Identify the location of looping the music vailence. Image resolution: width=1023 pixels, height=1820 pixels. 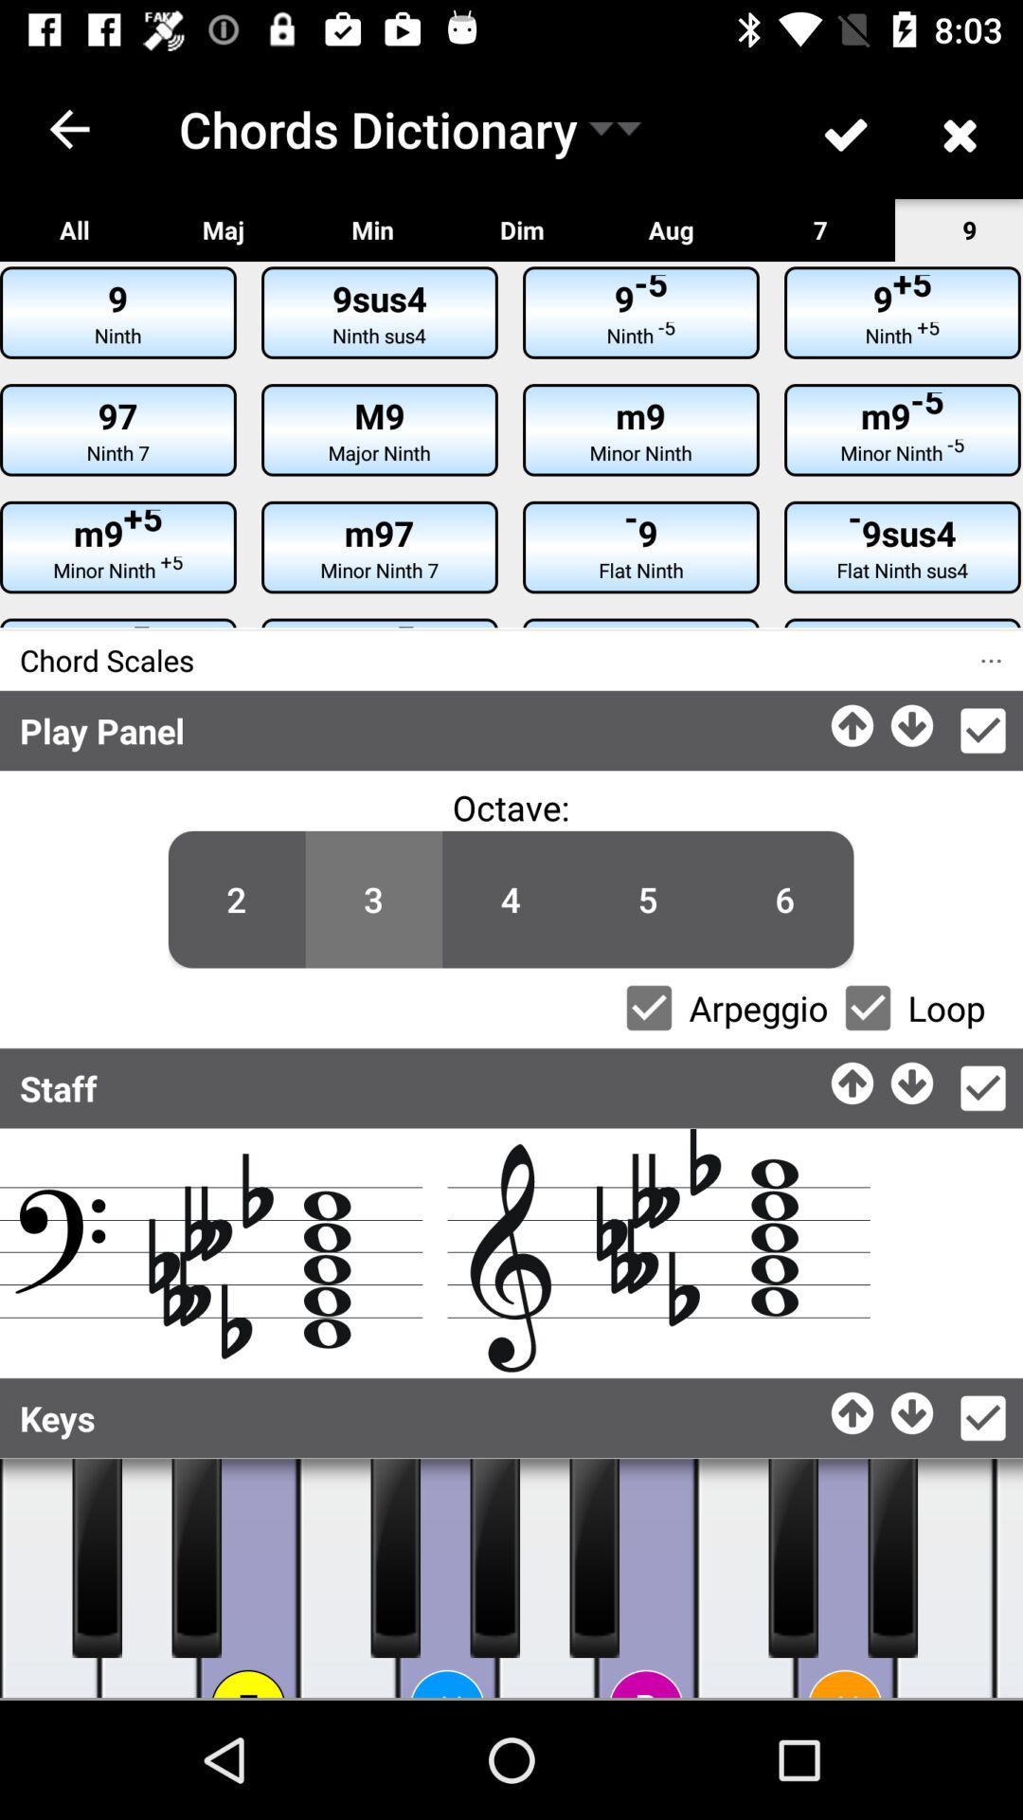
(868, 1007).